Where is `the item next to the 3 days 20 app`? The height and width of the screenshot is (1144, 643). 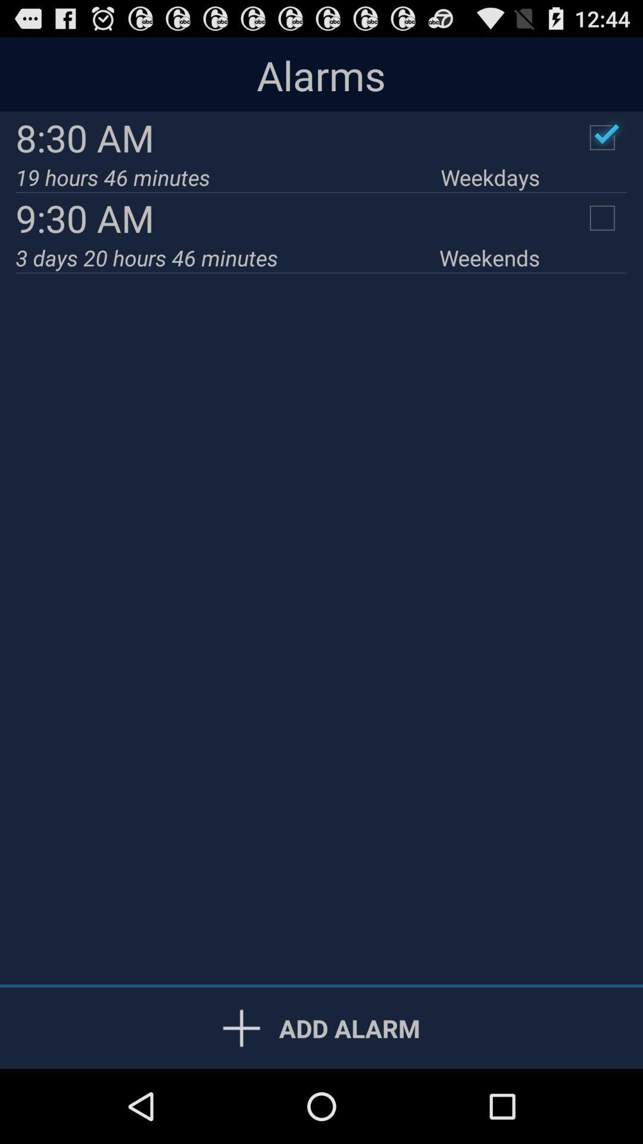
the item next to the 3 days 20 app is located at coordinates (489, 257).